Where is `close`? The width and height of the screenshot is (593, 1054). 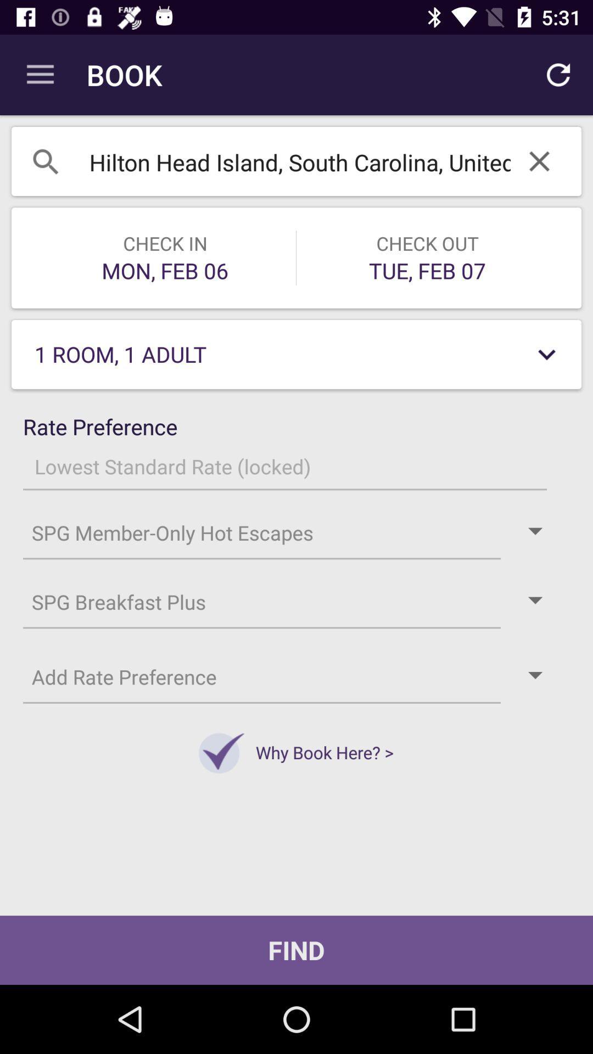
close is located at coordinates (539, 160).